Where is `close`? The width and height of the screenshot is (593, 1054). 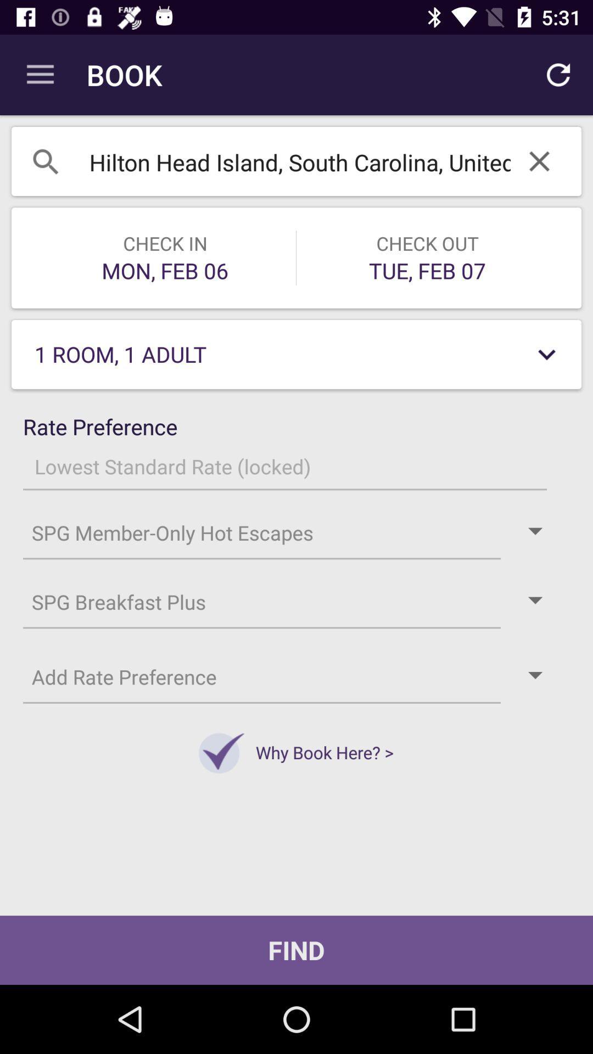
close is located at coordinates (539, 160).